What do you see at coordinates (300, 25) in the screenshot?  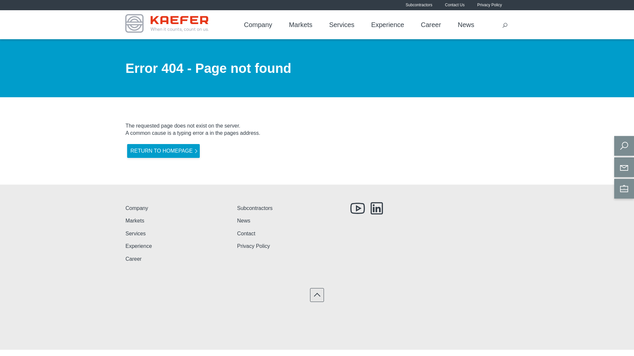 I see `'Markets'` at bounding box center [300, 25].